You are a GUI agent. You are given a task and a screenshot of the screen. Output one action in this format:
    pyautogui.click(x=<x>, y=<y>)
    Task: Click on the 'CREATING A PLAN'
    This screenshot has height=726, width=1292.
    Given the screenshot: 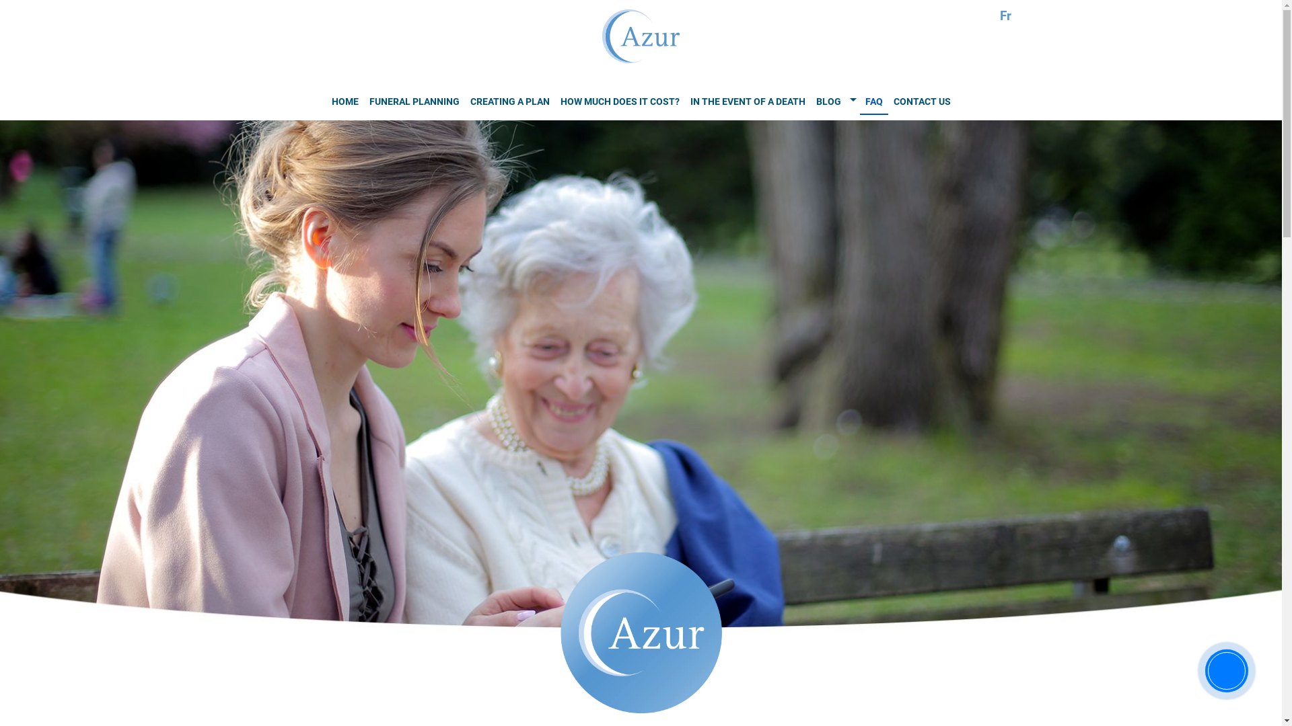 What is the action you would take?
    pyautogui.click(x=509, y=101)
    